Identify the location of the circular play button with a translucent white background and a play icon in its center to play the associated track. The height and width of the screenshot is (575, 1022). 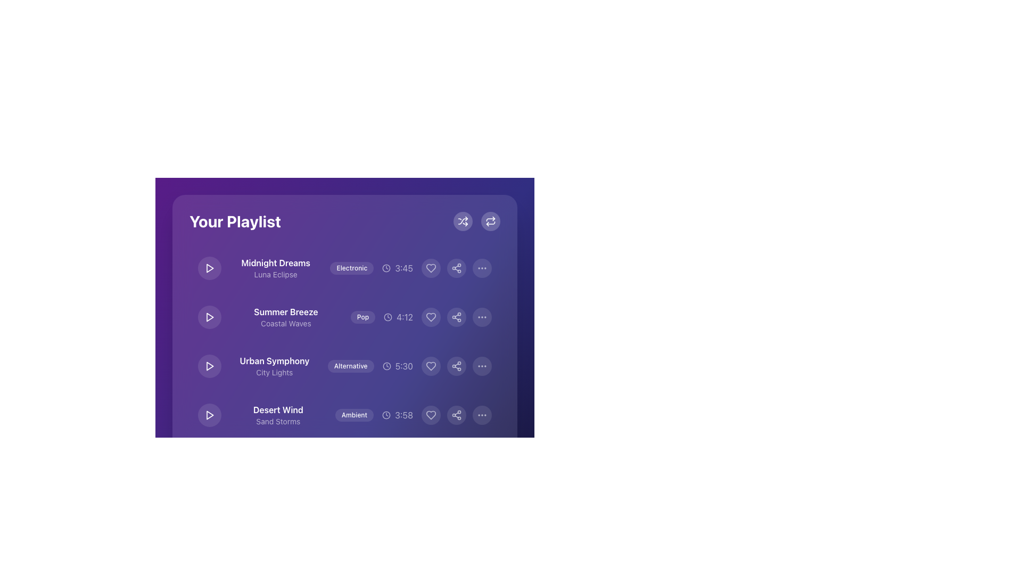
(209, 365).